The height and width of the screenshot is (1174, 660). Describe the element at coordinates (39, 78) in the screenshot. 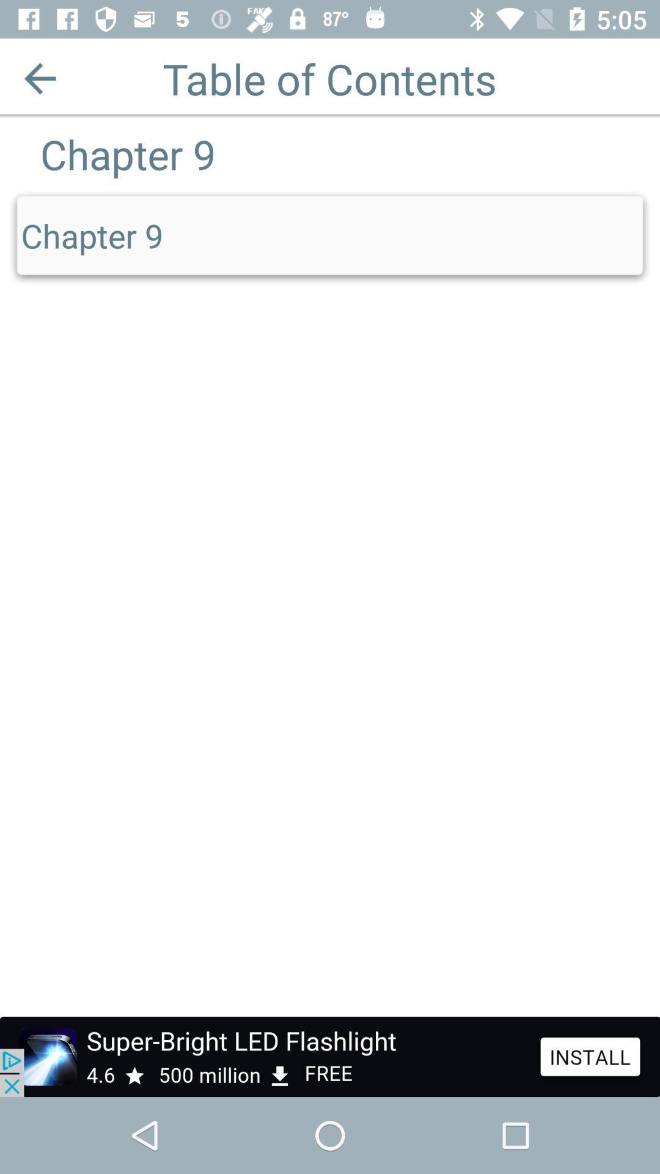

I see `previews button` at that location.